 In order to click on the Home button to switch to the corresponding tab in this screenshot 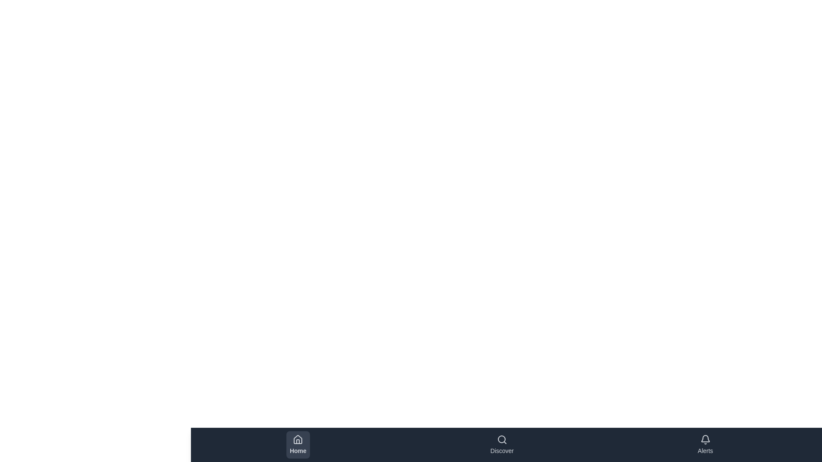, I will do `click(298, 444)`.